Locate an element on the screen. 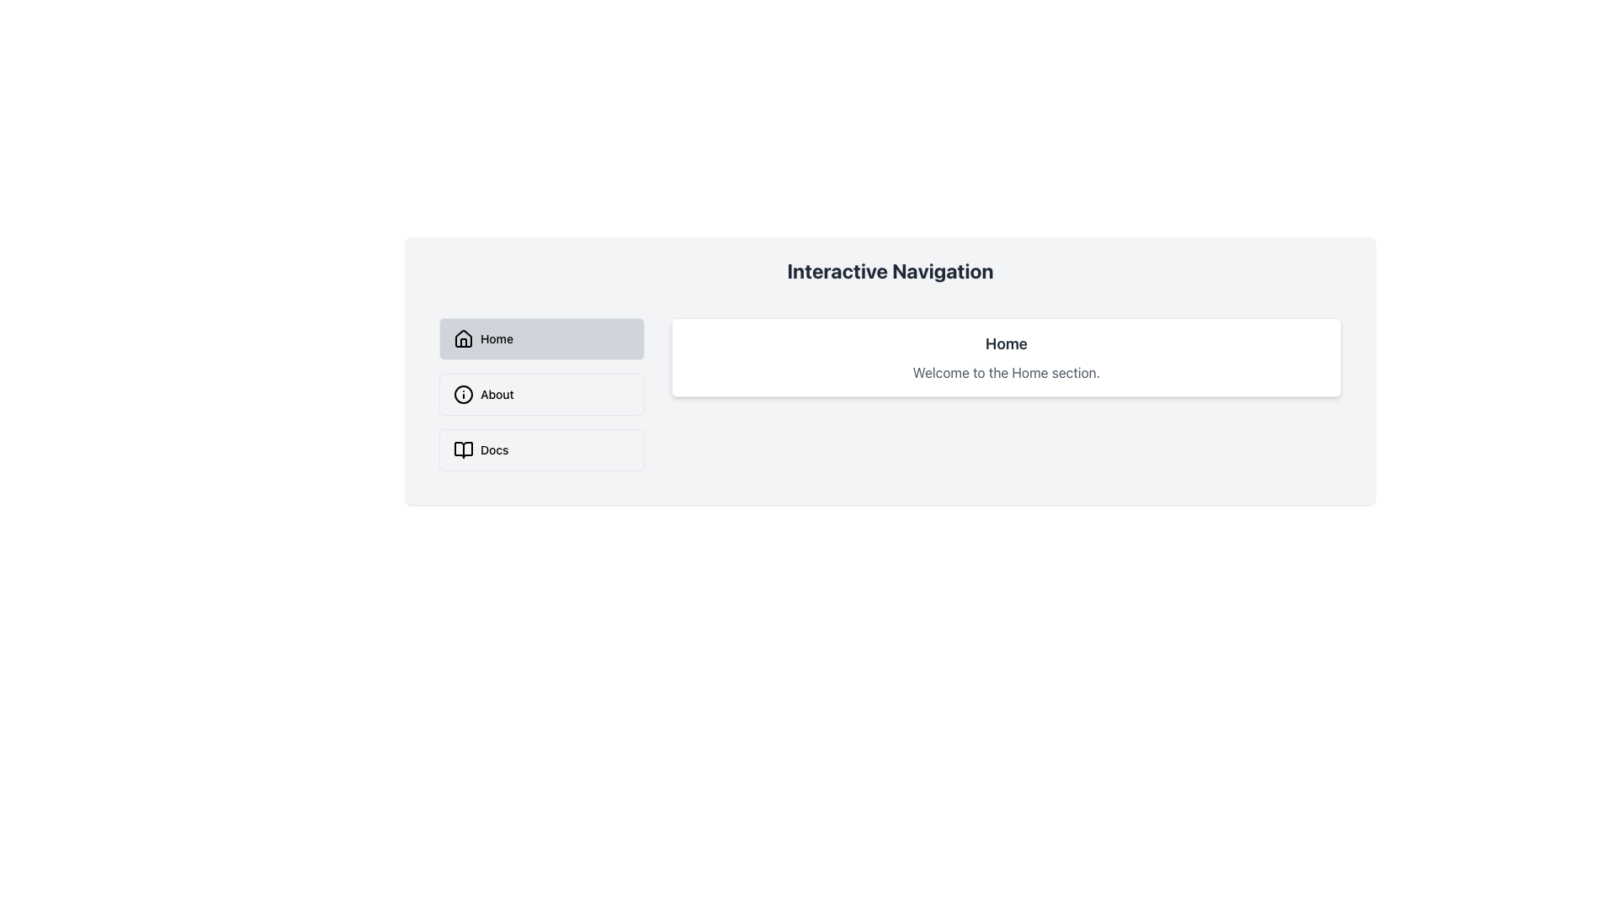 The height and width of the screenshot is (909, 1616). the navigation button labeled as the third option in the vertical list, which leads to documentation or reference materials relevant to the application is located at coordinates (541, 449).